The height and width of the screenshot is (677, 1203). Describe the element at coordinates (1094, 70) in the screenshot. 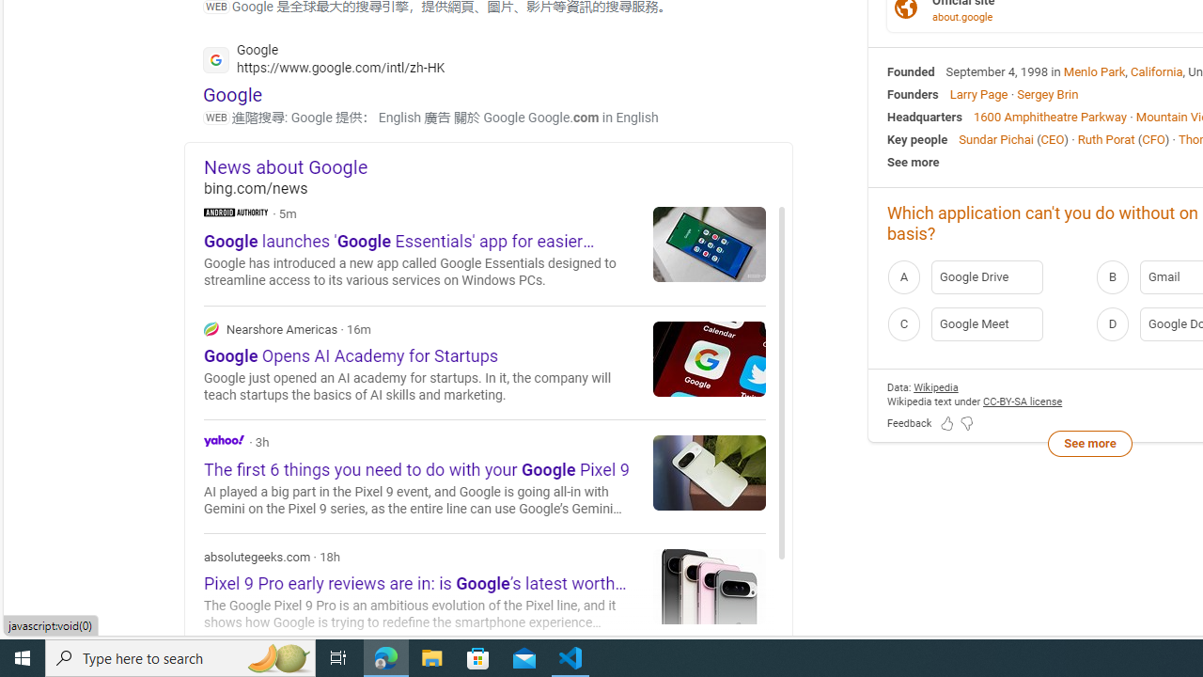

I see `'Menlo Park'` at that location.